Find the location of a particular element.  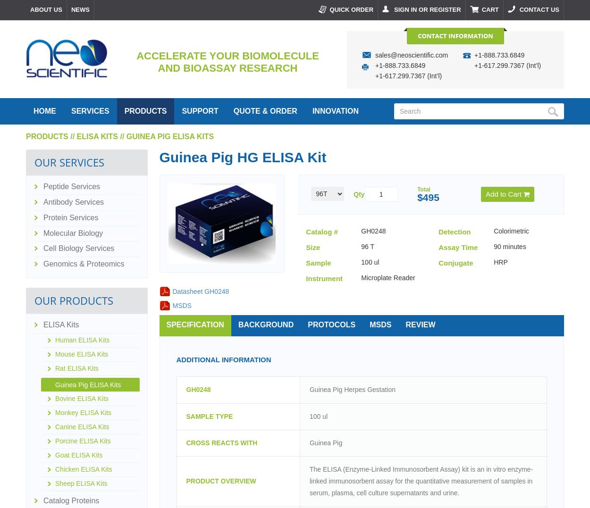

'Catalog #' is located at coordinates (321, 231).